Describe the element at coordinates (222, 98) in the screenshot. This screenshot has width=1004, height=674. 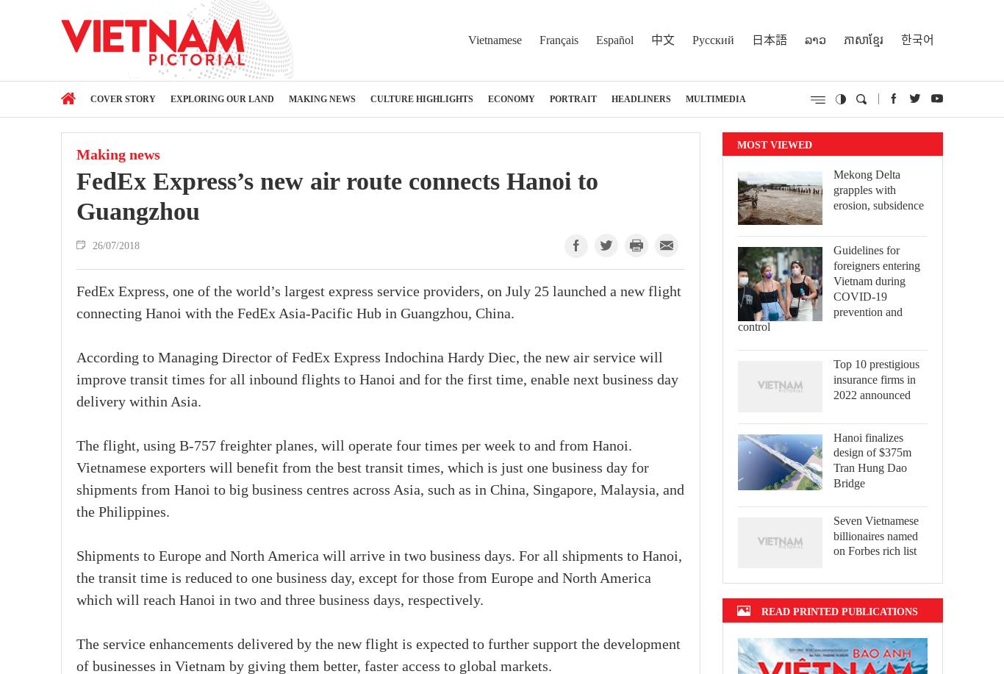
I see `'Exploring our land'` at that location.